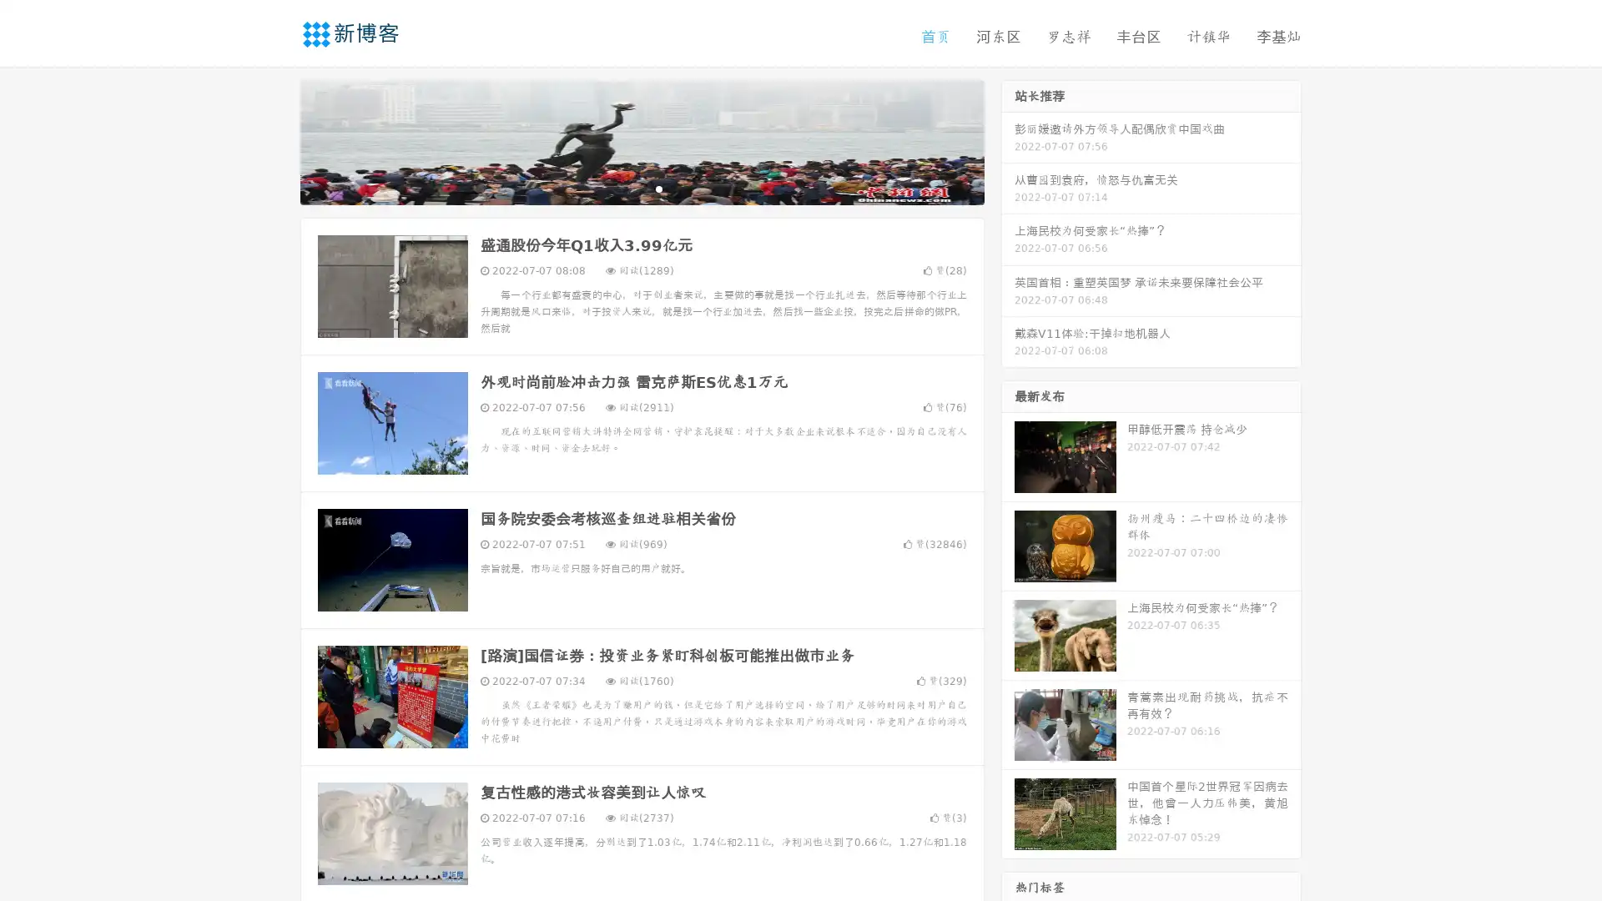 The height and width of the screenshot is (901, 1602). Describe the element at coordinates (1008, 140) in the screenshot. I see `Next slide` at that location.